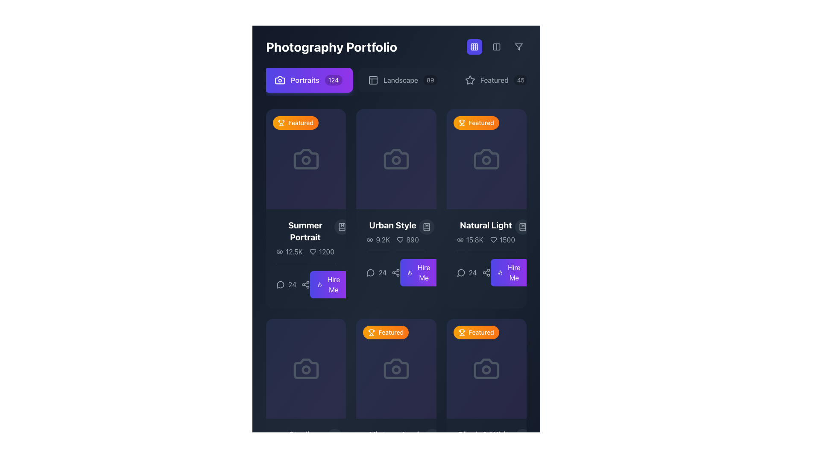  What do you see at coordinates (280, 80) in the screenshot?
I see `the decorative icon associated with the 'Portraits' button labeled 'Portraits 124', located on the leftmost side of the button` at bounding box center [280, 80].